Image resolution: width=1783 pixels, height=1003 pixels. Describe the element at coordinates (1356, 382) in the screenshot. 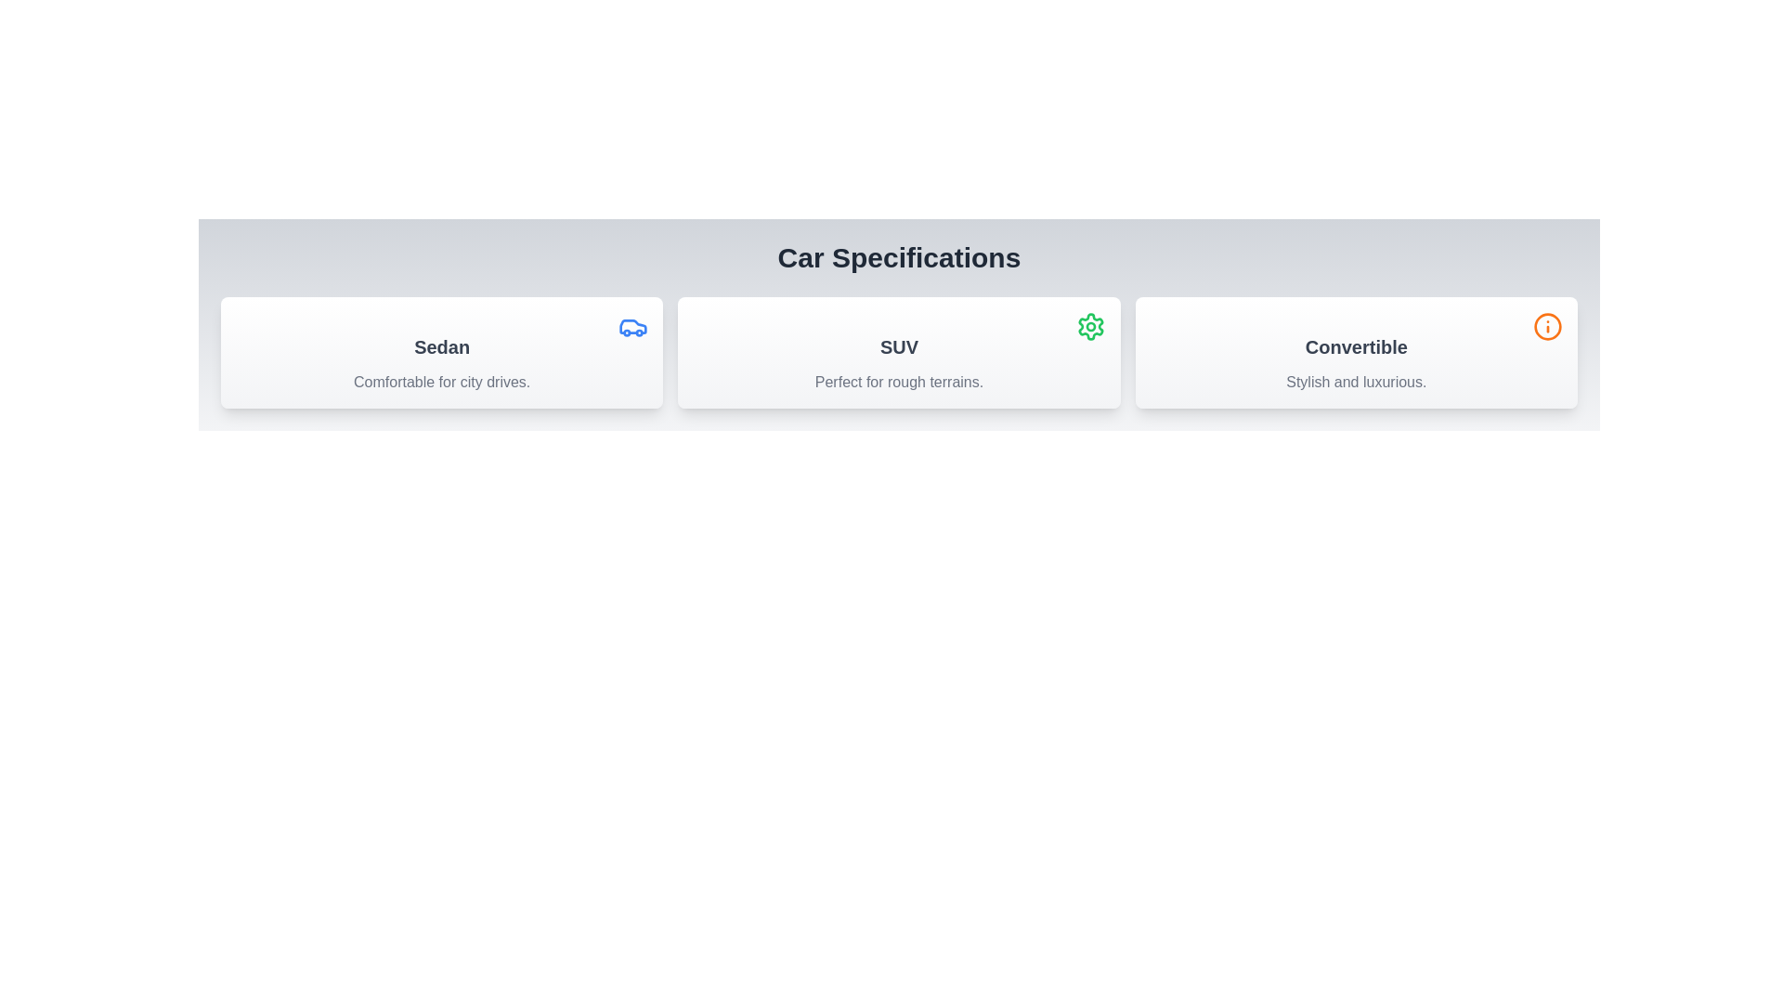

I see `descriptive text label located below the header 'Convertible' in the third card of the 'Car Specifications' section` at that location.